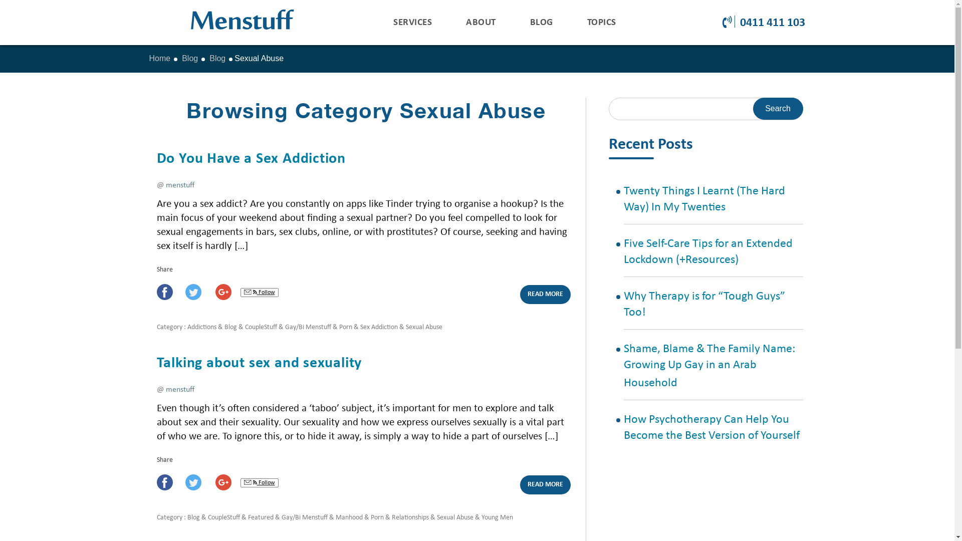 The image size is (962, 541). What do you see at coordinates (260, 482) in the screenshot?
I see `'Follow'` at bounding box center [260, 482].